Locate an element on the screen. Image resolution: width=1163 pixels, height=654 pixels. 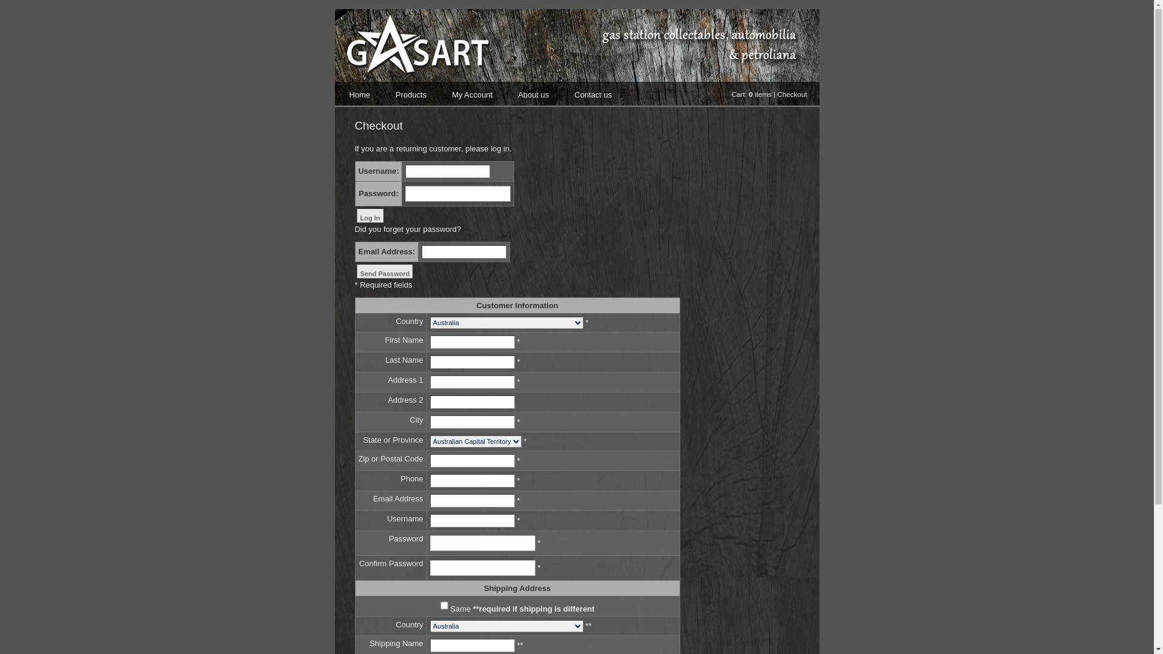
'About us' is located at coordinates (533, 94).